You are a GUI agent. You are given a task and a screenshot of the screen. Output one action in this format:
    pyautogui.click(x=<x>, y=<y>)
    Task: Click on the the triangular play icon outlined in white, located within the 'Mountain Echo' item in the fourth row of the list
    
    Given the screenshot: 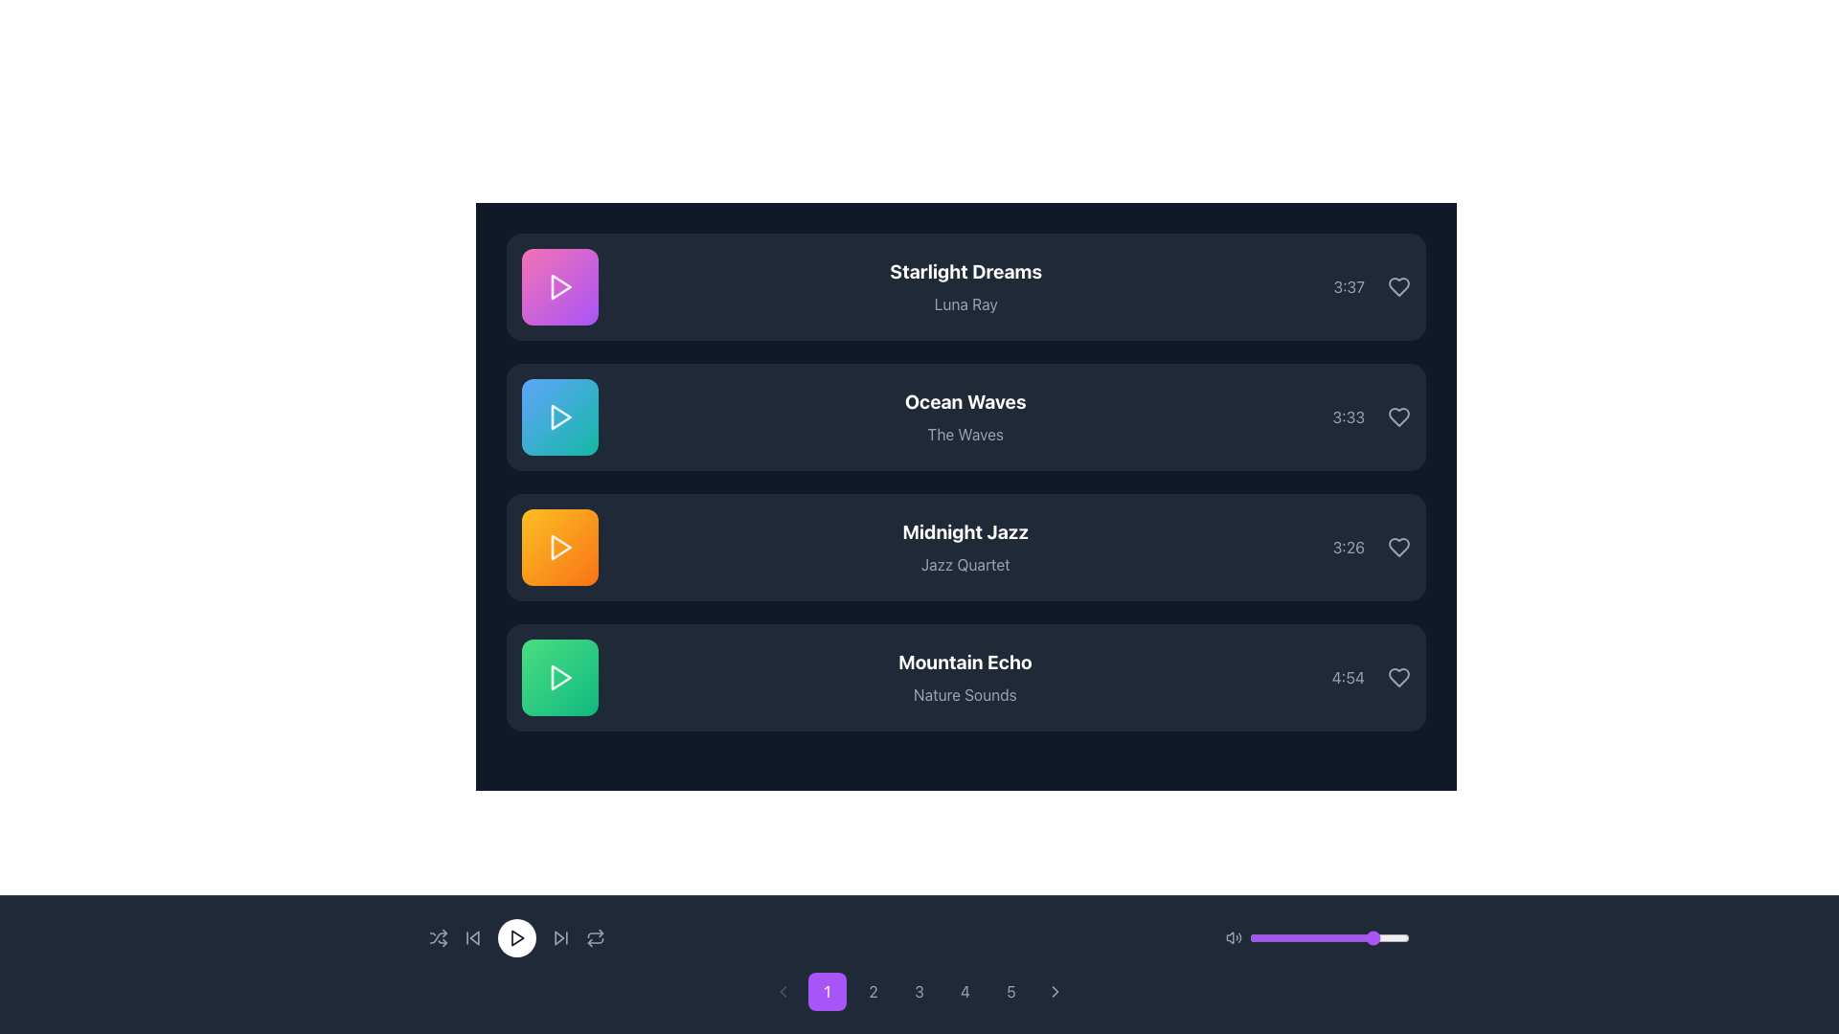 What is the action you would take?
    pyautogui.click(x=559, y=677)
    